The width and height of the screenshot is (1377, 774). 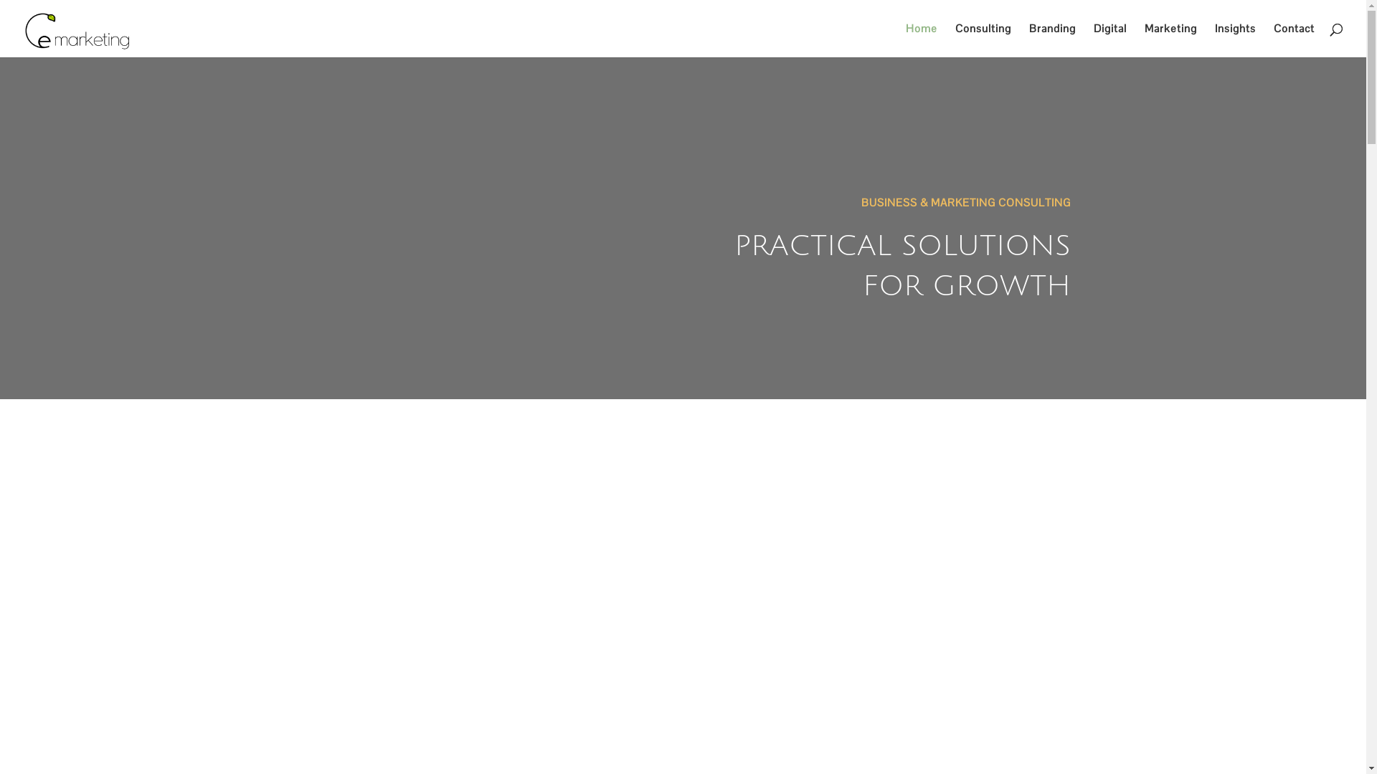 What do you see at coordinates (1294, 39) in the screenshot?
I see `'Contact'` at bounding box center [1294, 39].